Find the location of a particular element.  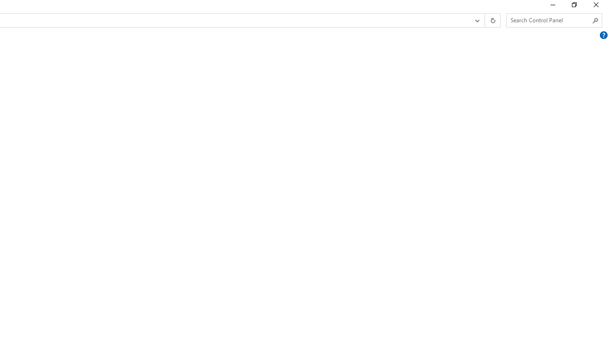

'Address band toolbar' is located at coordinates (484, 20).